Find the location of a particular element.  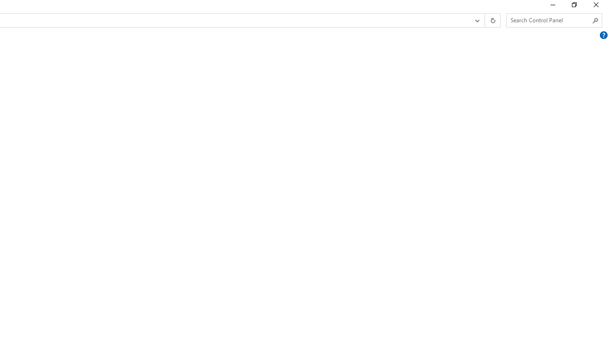

'Address band toolbar' is located at coordinates (484, 20).